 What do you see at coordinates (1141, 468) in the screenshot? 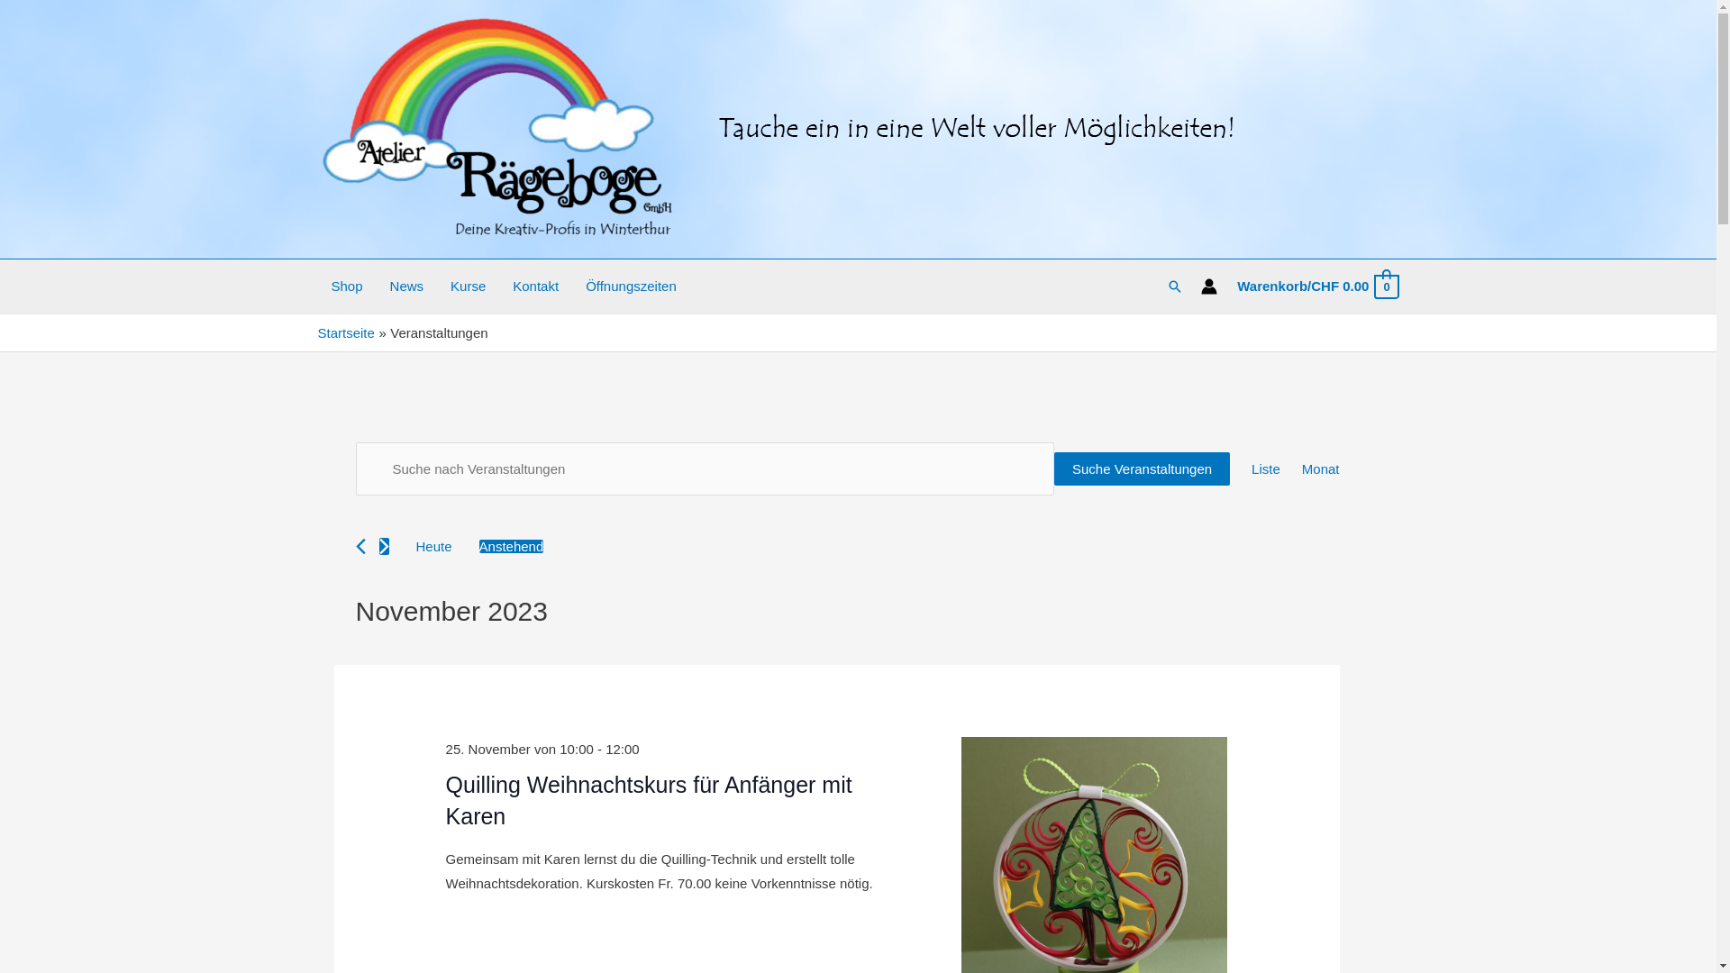
I see `'Suche Veranstaltungen'` at bounding box center [1141, 468].